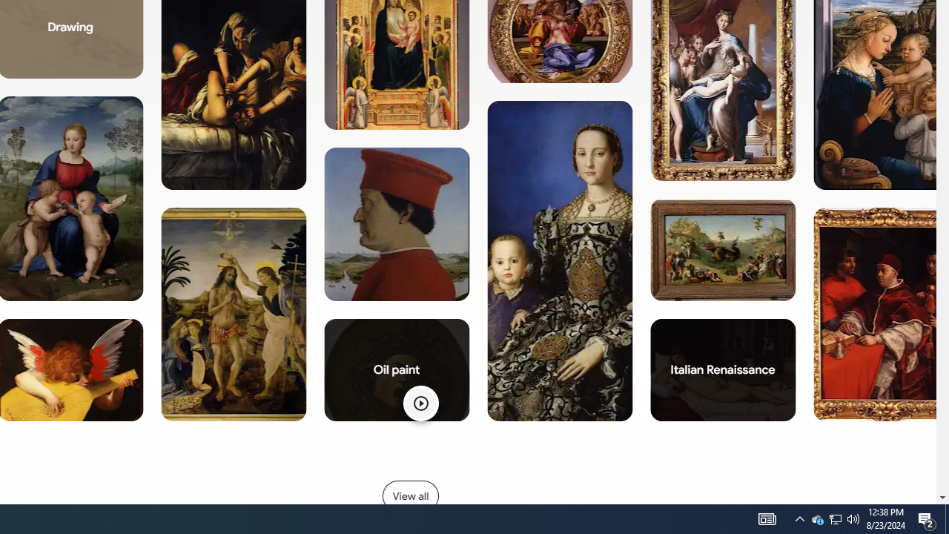  What do you see at coordinates (410, 495) in the screenshot?
I see `'View all'` at bounding box center [410, 495].